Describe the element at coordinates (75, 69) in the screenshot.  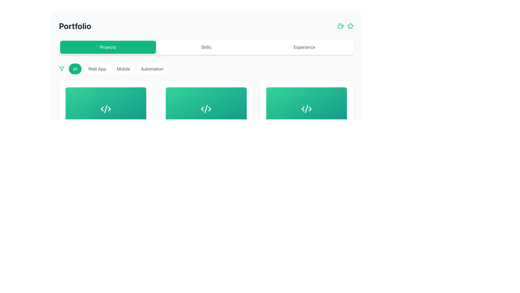
I see `the green button labeled 'all'` at that location.